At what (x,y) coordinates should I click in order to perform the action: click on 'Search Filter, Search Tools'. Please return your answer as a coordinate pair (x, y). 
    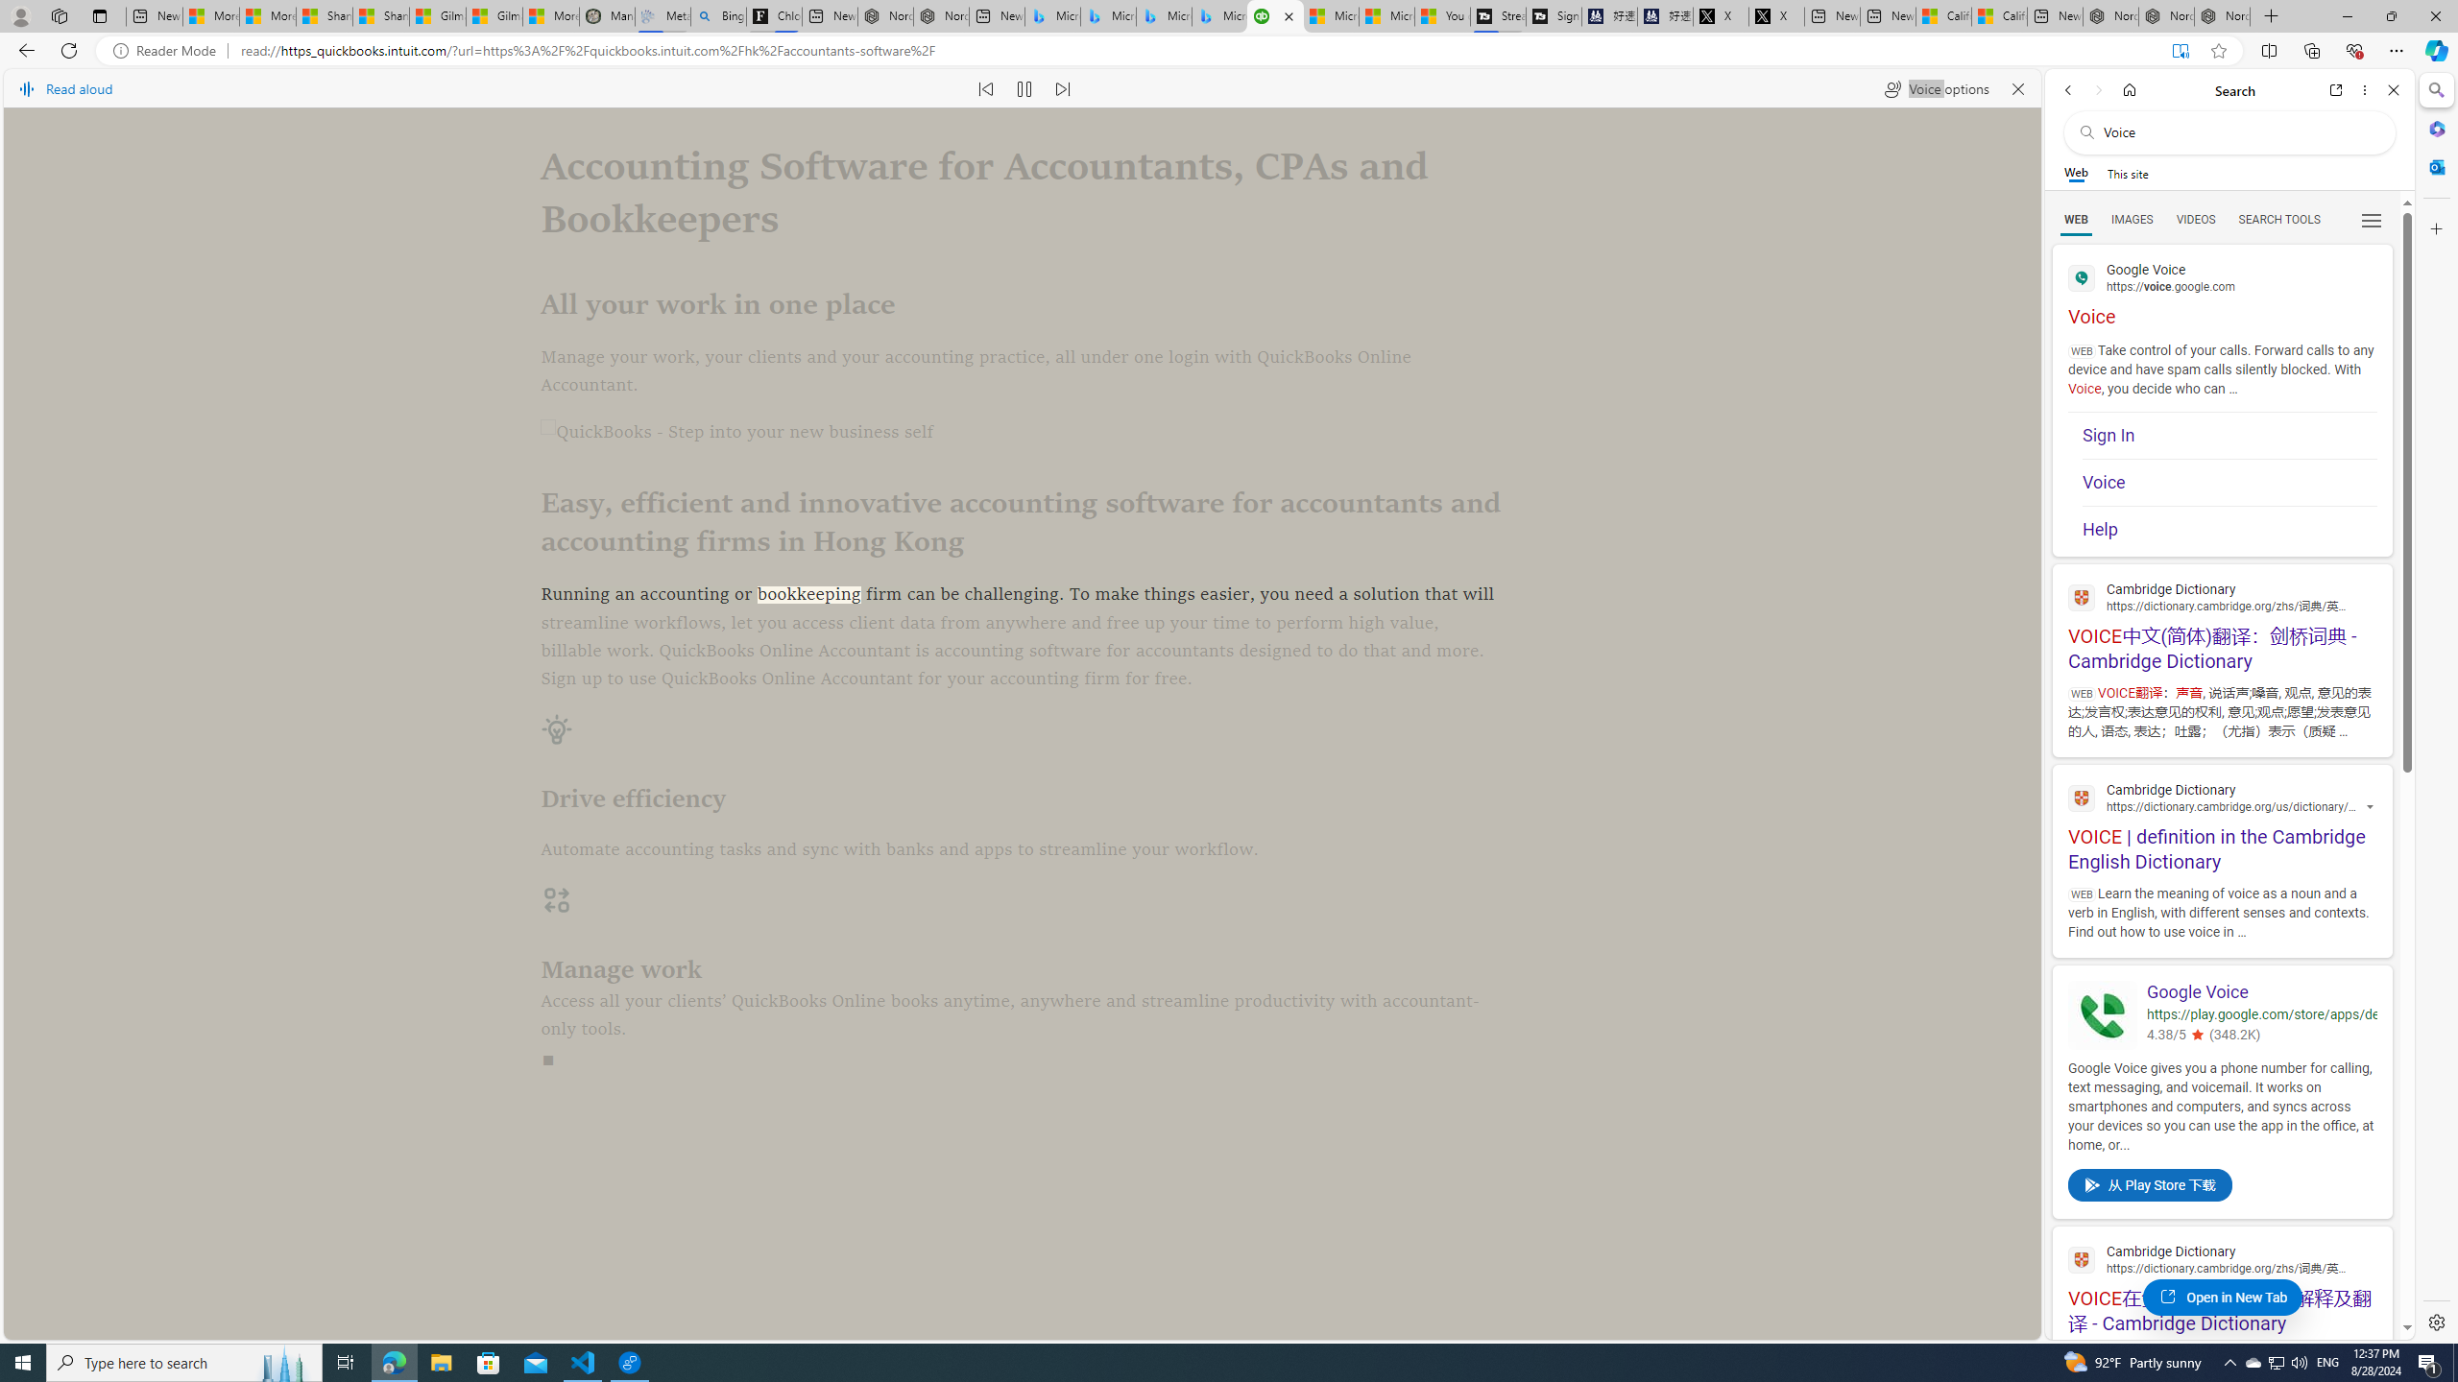
    Looking at the image, I should click on (2278, 218).